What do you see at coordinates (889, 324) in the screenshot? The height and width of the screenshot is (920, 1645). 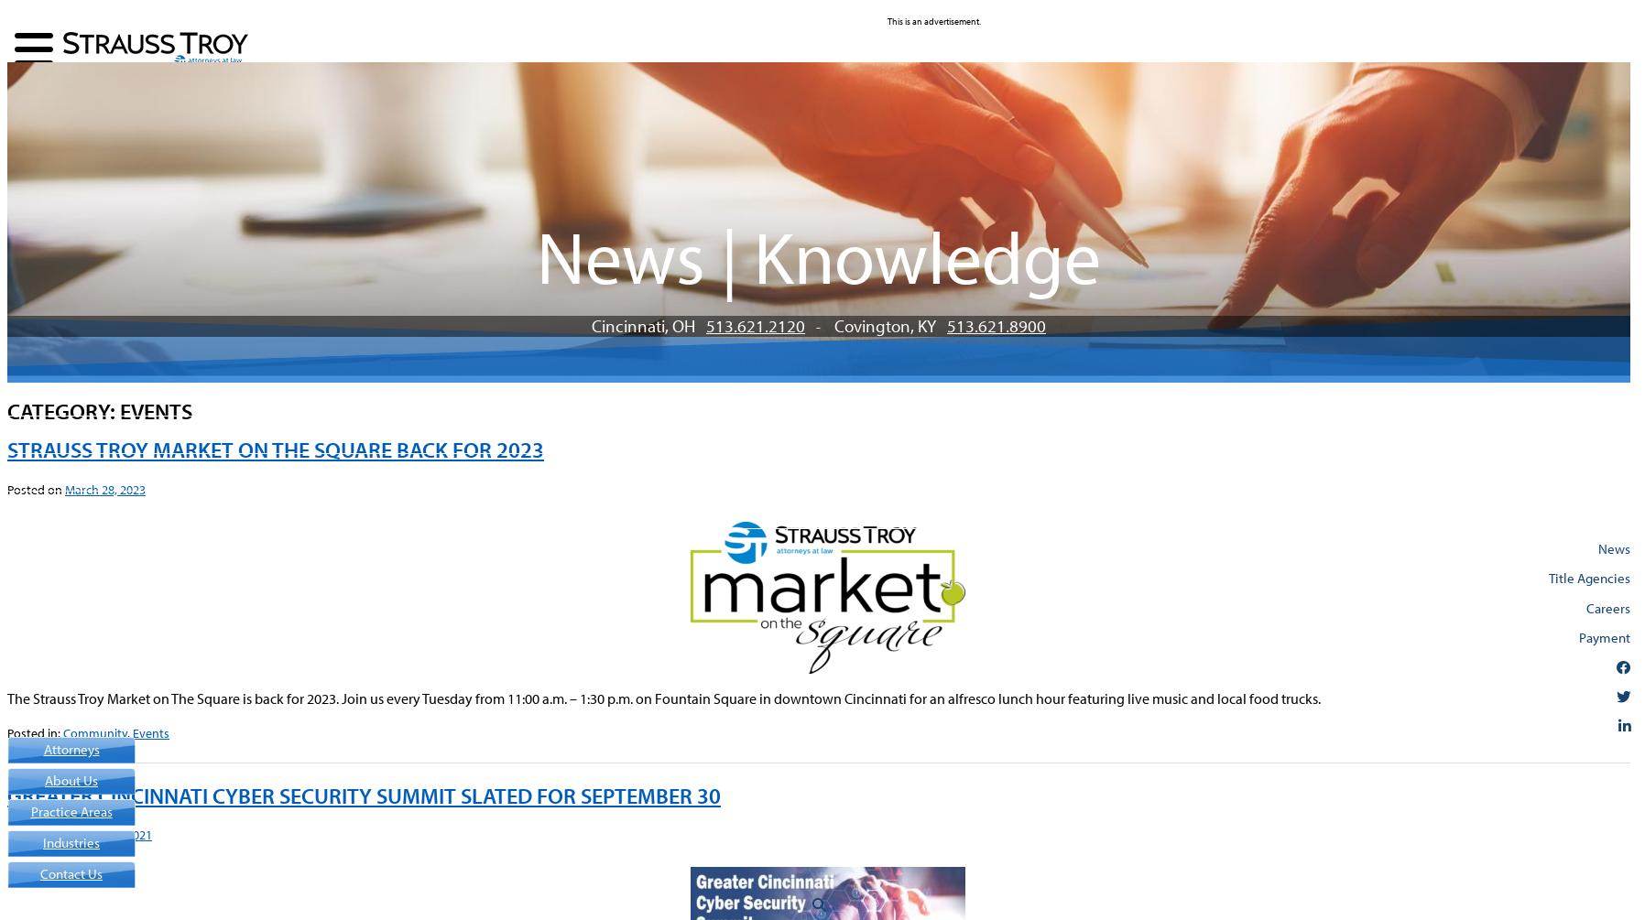 I see `'Covington, KY'` at bounding box center [889, 324].